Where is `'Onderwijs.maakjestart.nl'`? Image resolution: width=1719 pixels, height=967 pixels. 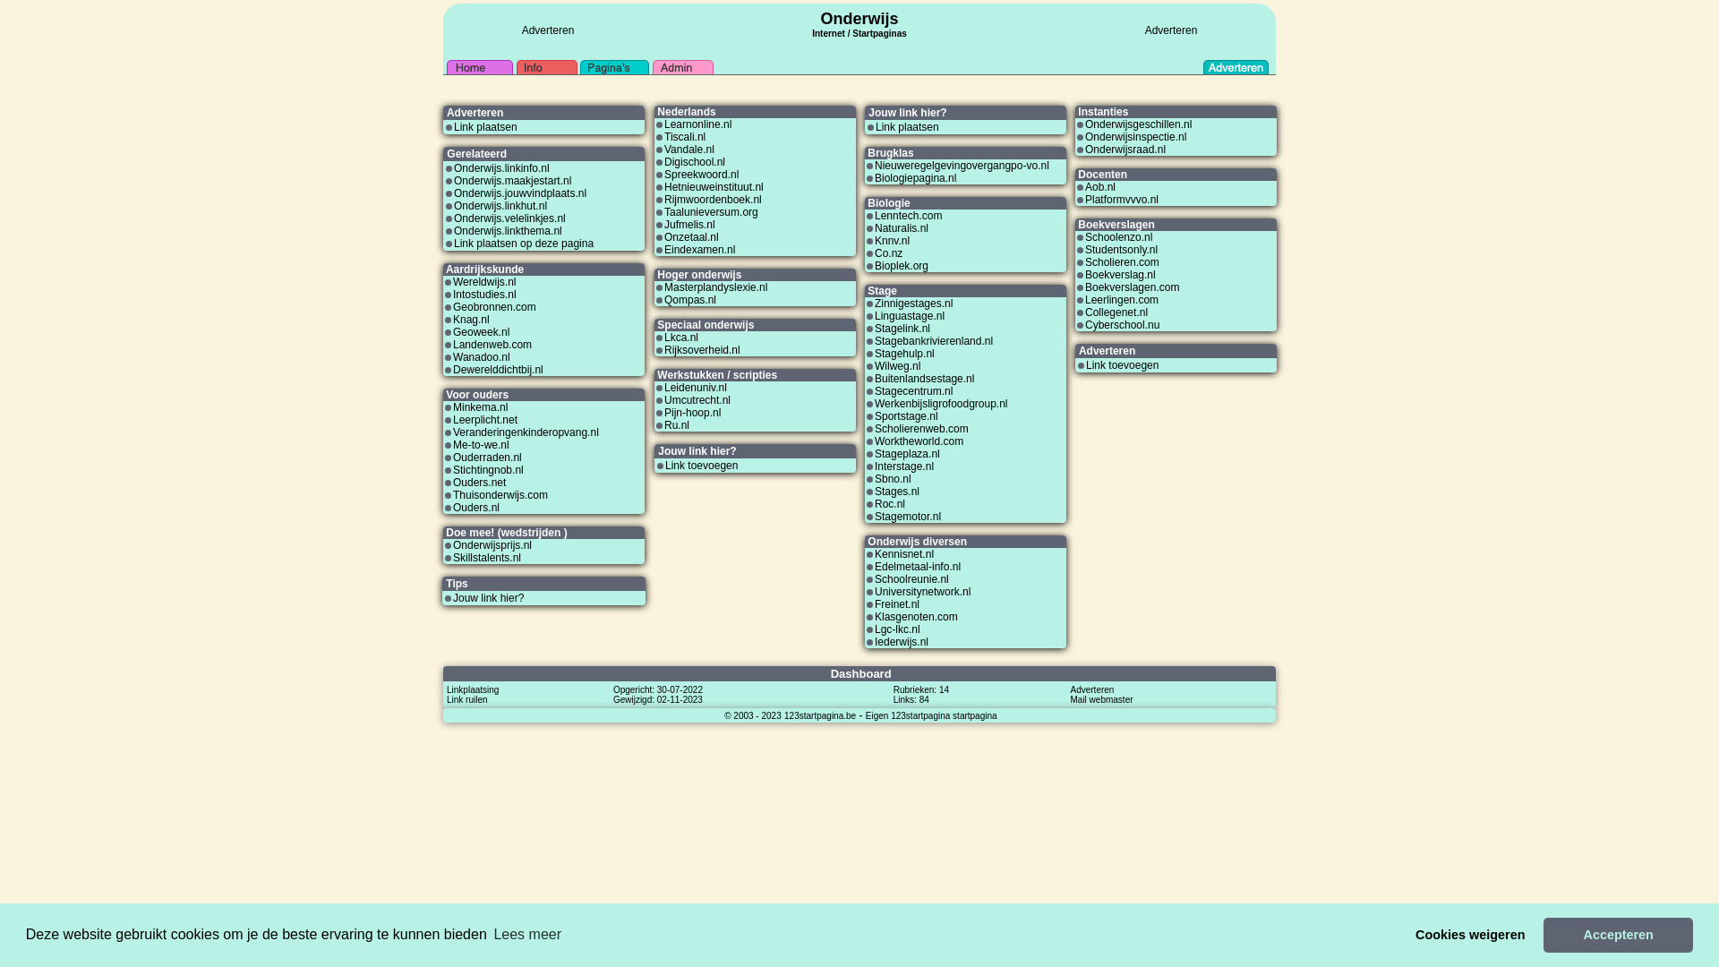 'Onderwijs.maakjestart.nl' is located at coordinates (454, 180).